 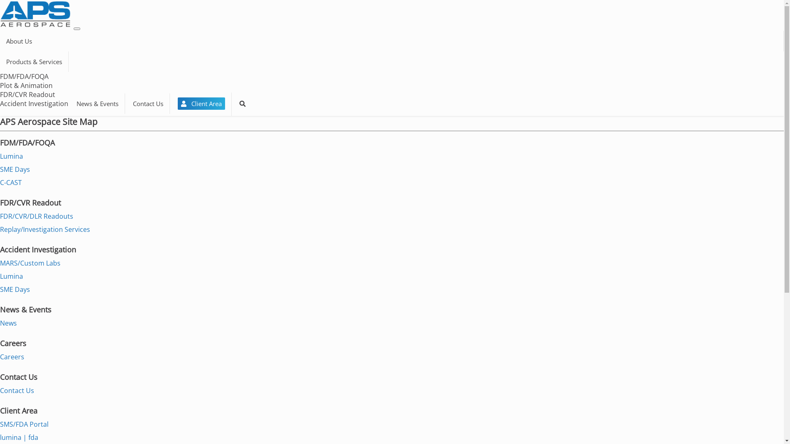 I want to click on 'Lumina', so click(x=12, y=276).